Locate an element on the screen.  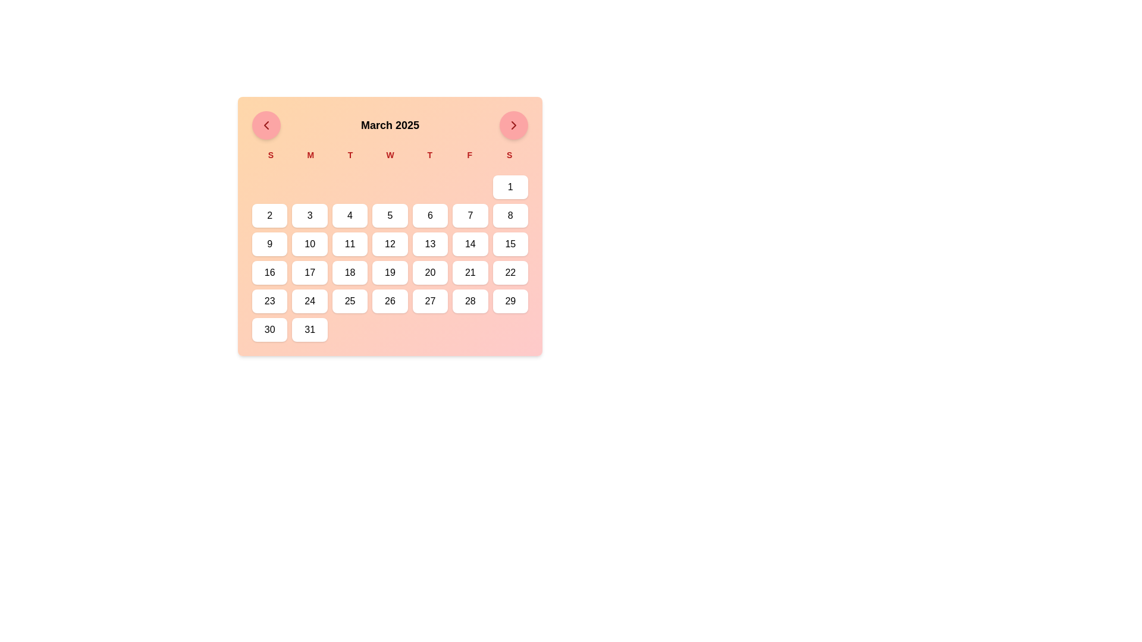
the button representing the fourth day of the current displayed calendar month, located in the third row and fourth column of the calendar grid under the label 'S' for Wednesday is located at coordinates (349, 215).